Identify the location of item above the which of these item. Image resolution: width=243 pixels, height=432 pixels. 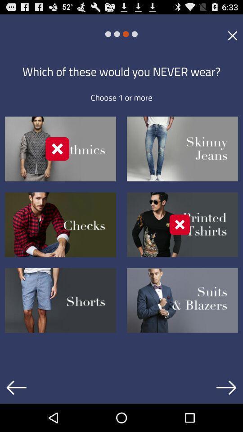
(232, 35).